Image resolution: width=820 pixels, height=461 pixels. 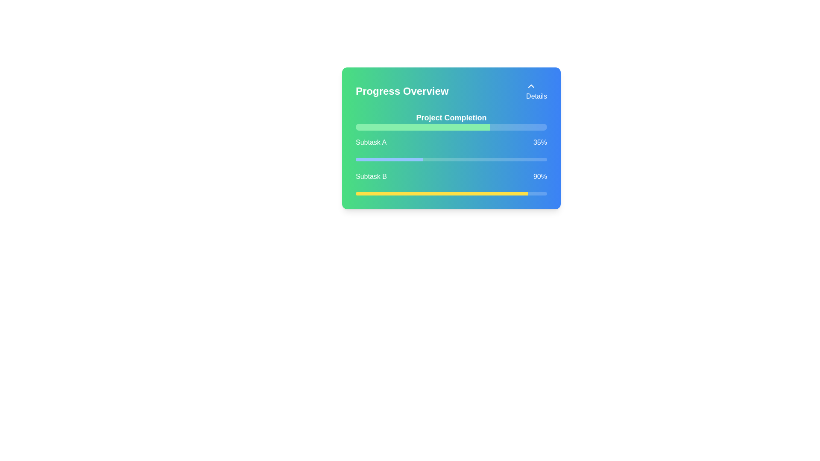 What do you see at coordinates (531, 86) in the screenshot?
I see `the Chevron icon located at the top-right corner of the 'Progress Overview' card` at bounding box center [531, 86].